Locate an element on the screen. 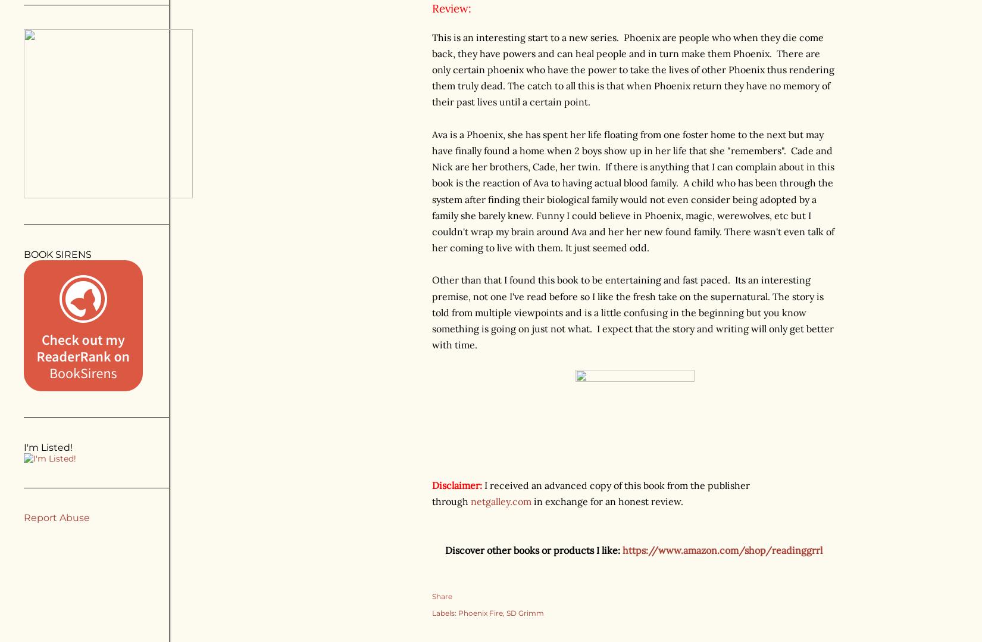  'This is an interesting start to a new series.  Phoenix are people who when they die come back, they have powers and can heal people and in turn make them Phoenix.  There are only certain phoenix who have the power to take the lives of other Phoenix thus rendering them truly dead. The catch to all this is that when Phoenix return they have no memory of their past lives until a certain point.' is located at coordinates (633, 68).